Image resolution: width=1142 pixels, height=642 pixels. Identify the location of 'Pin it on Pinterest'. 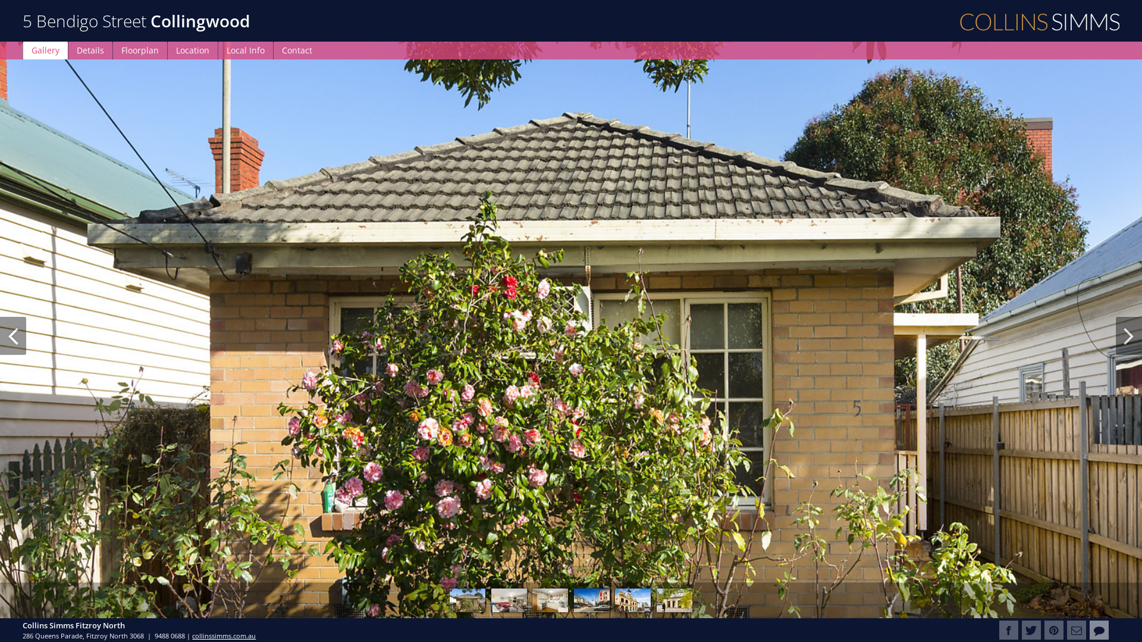
(1053, 630).